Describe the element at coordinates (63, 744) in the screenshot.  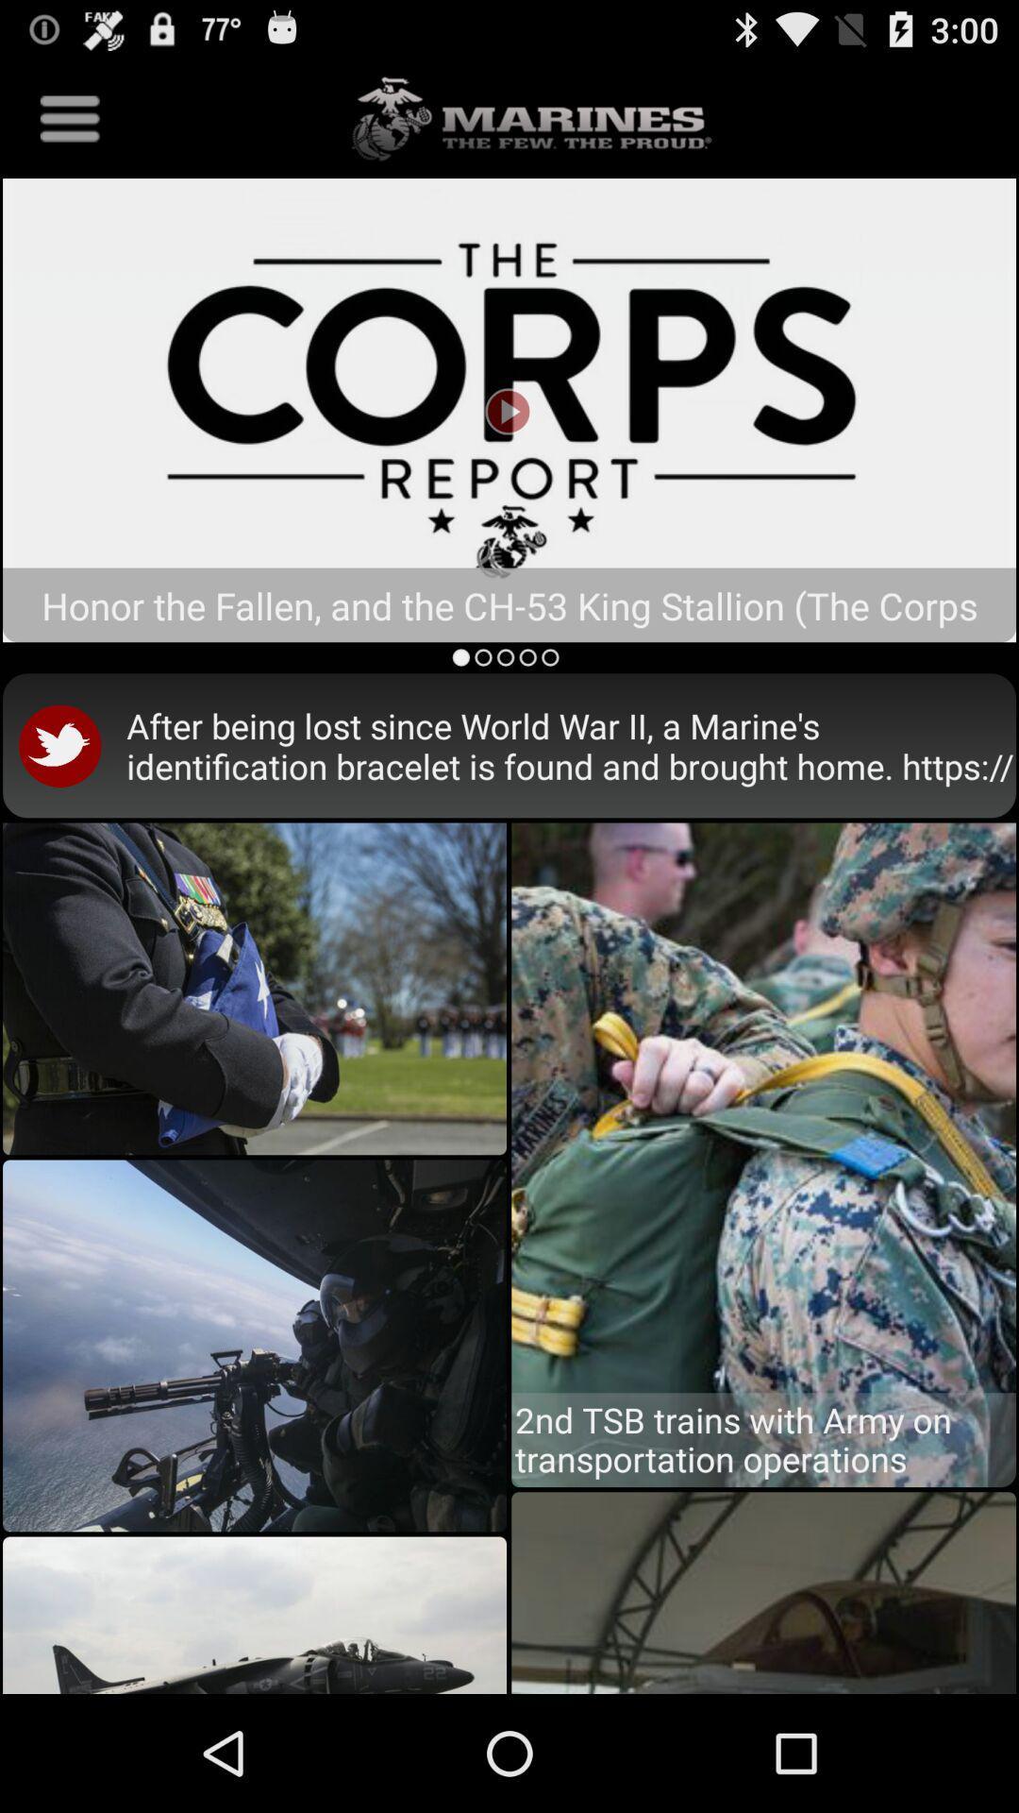
I see `the icon just before the text after being lost since world war 11` at that location.